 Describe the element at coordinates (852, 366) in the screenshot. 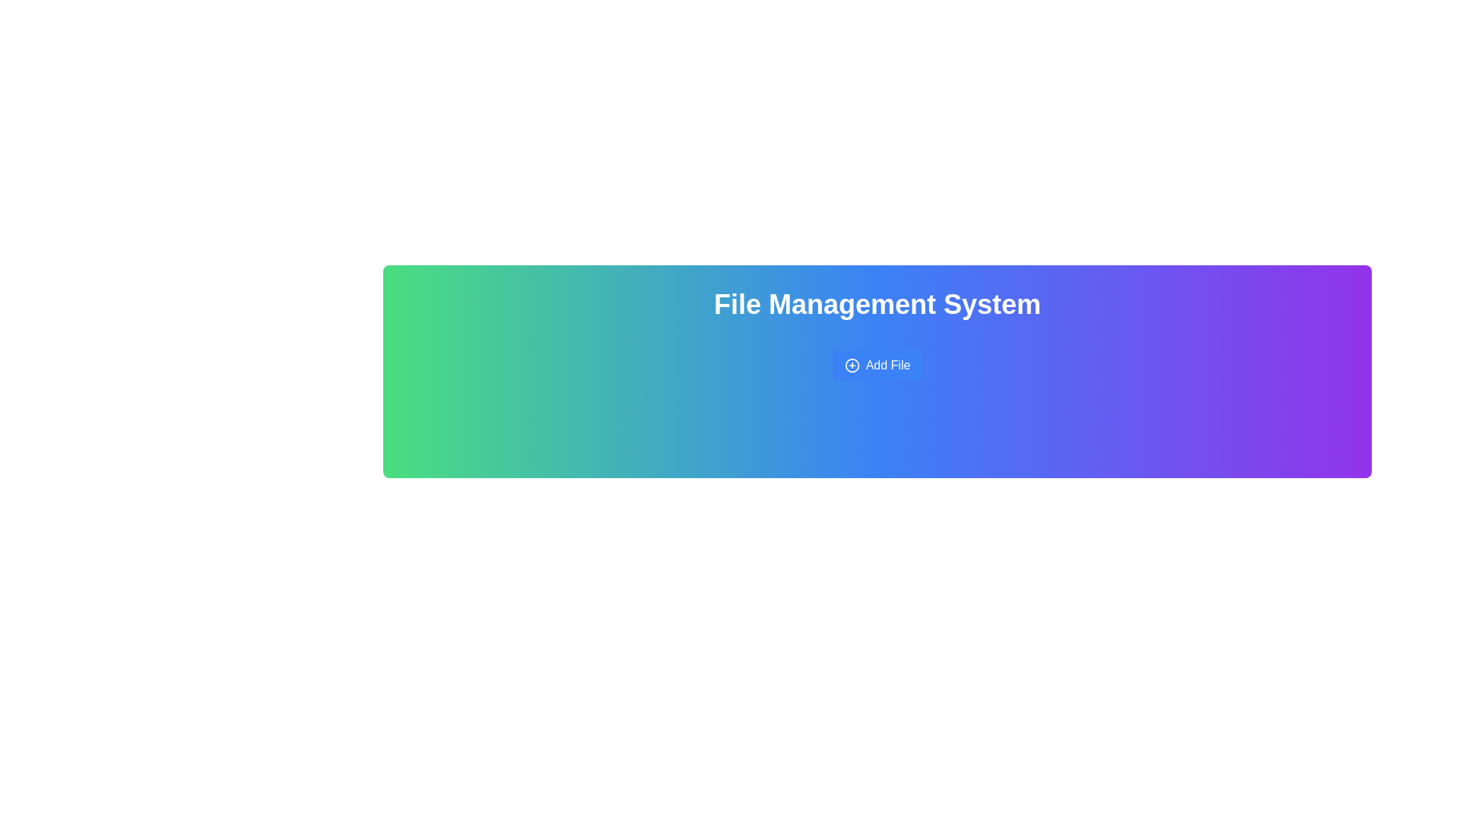

I see `the graphical enhancement of the circular shape in the 'Add File' icon located below the 'File Management System' text` at that location.